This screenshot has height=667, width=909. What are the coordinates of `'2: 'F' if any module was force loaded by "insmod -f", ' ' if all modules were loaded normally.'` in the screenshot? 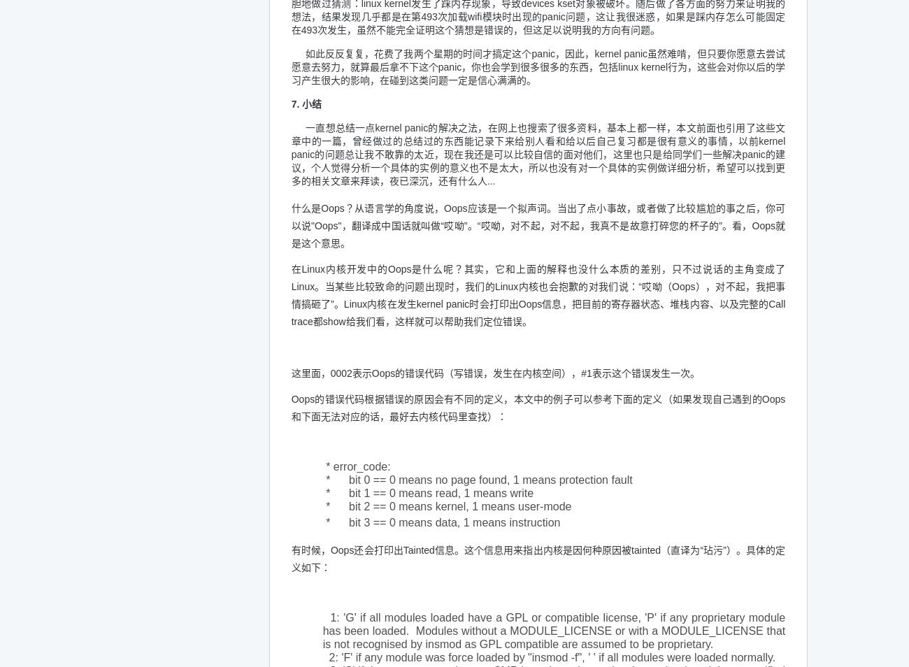 It's located at (547, 657).